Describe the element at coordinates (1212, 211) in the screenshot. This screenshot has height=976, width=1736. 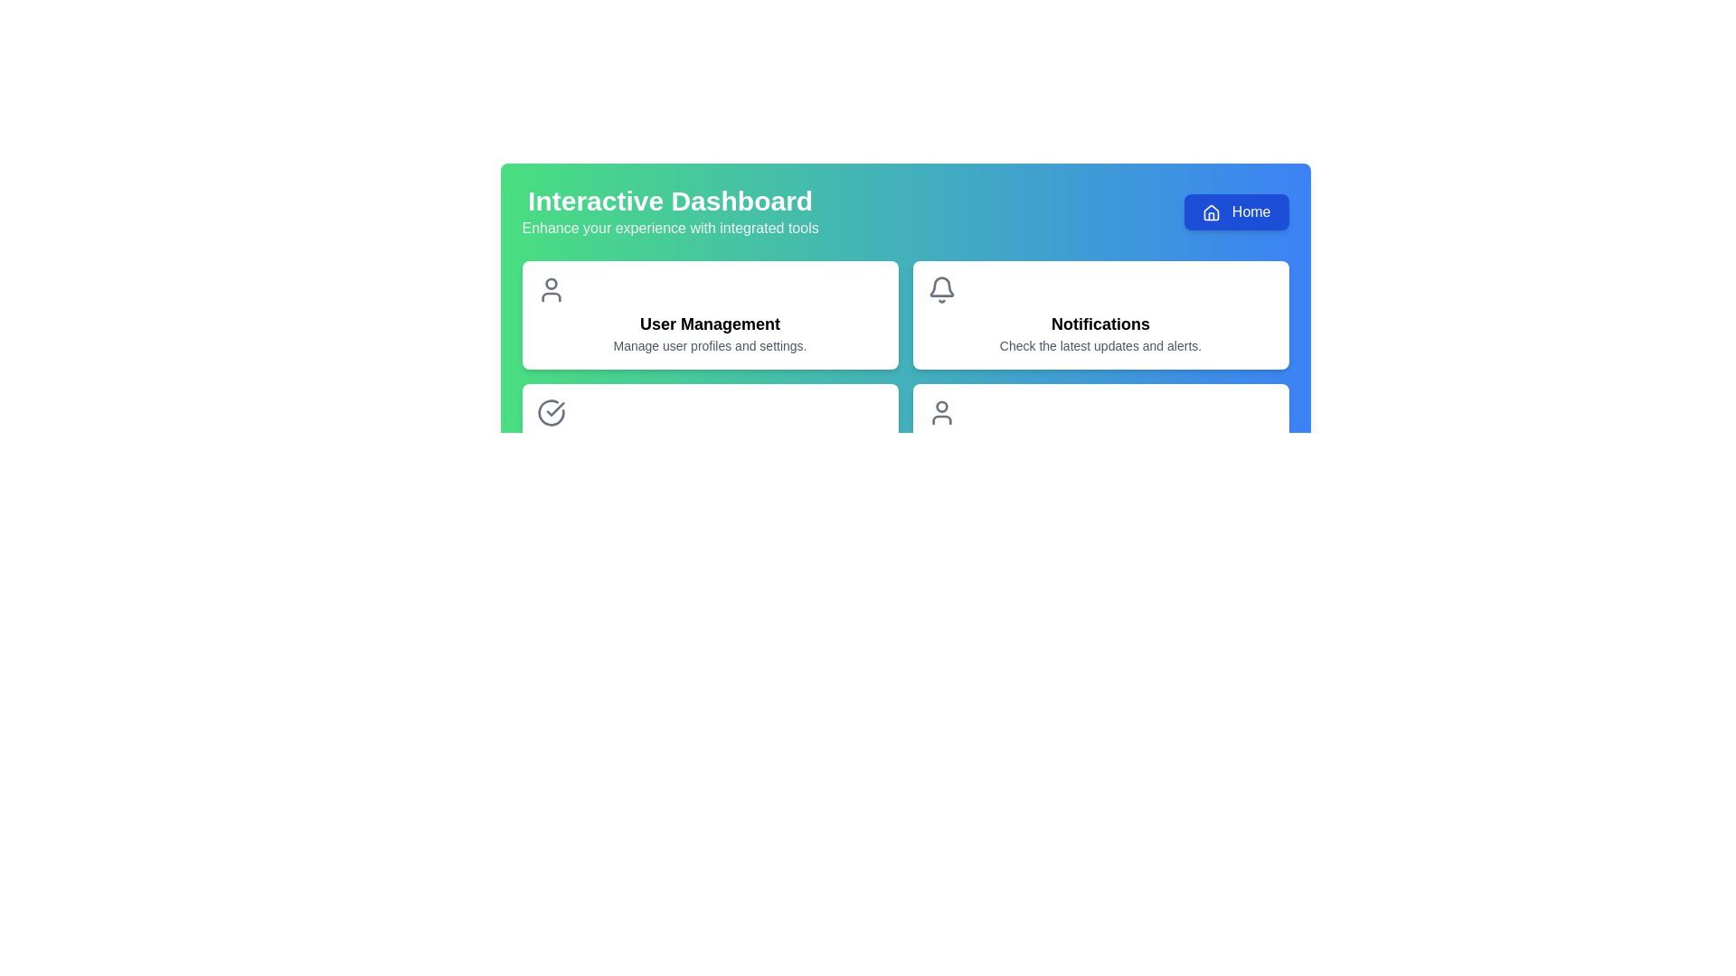
I see `the house-shaped icon within the blue 'Home' button located in the upper-right corner of the interface` at that location.